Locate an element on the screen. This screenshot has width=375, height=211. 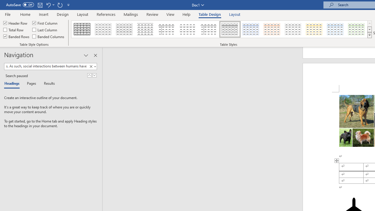
'Next Result' is located at coordinates (94, 75).